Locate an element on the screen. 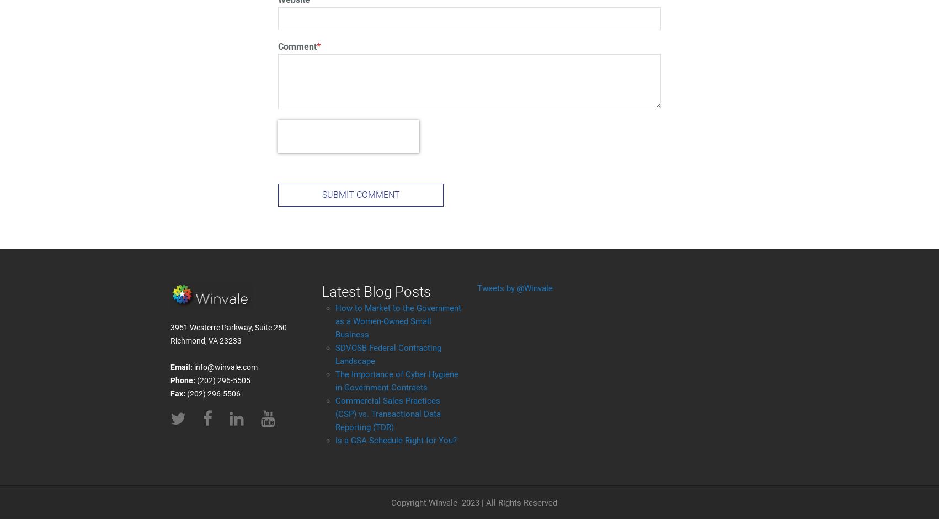 This screenshot has height=520, width=939. 'Fax:' is located at coordinates (178, 393).